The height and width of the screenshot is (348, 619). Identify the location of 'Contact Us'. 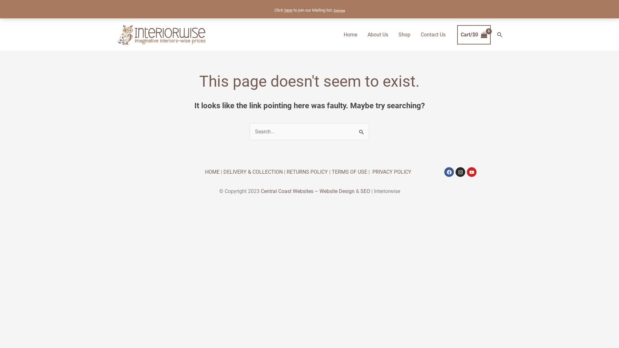
(433, 35).